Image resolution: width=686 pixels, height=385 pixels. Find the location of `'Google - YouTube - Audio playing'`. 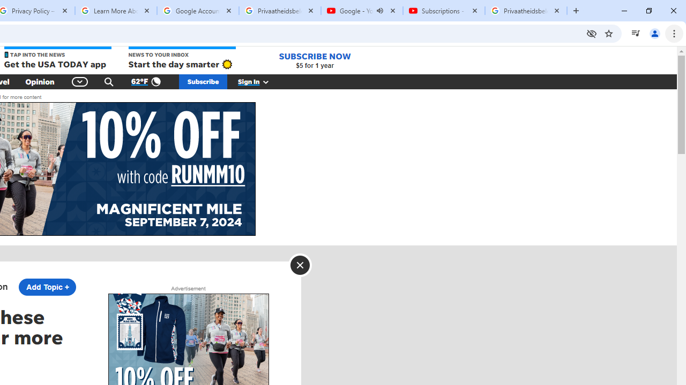

'Google - YouTube - Audio playing' is located at coordinates (362, 11).